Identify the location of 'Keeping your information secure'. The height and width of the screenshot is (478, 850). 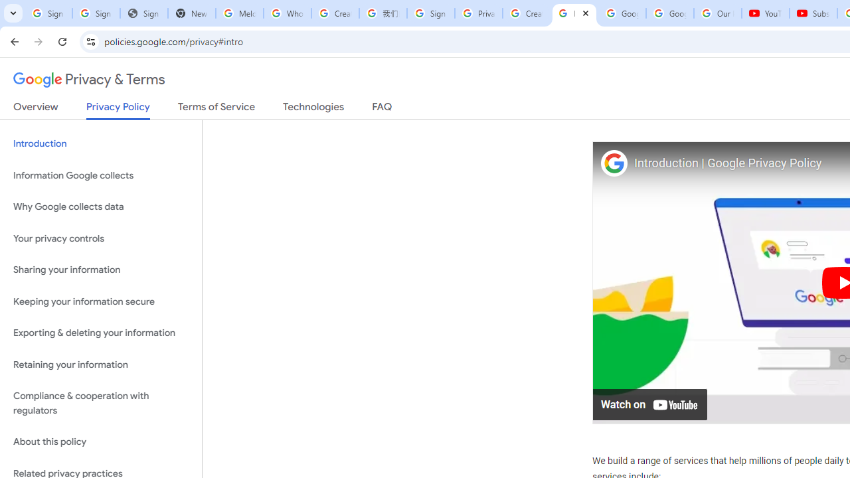
(100, 301).